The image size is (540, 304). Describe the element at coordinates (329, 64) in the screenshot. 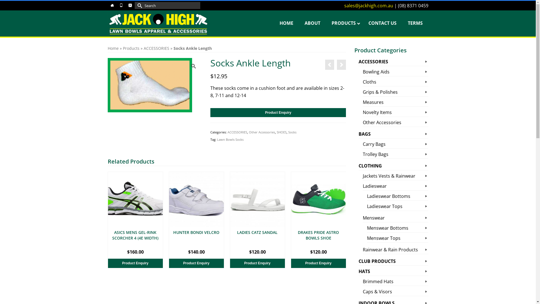

I see `'Socks Crew Length'` at that location.